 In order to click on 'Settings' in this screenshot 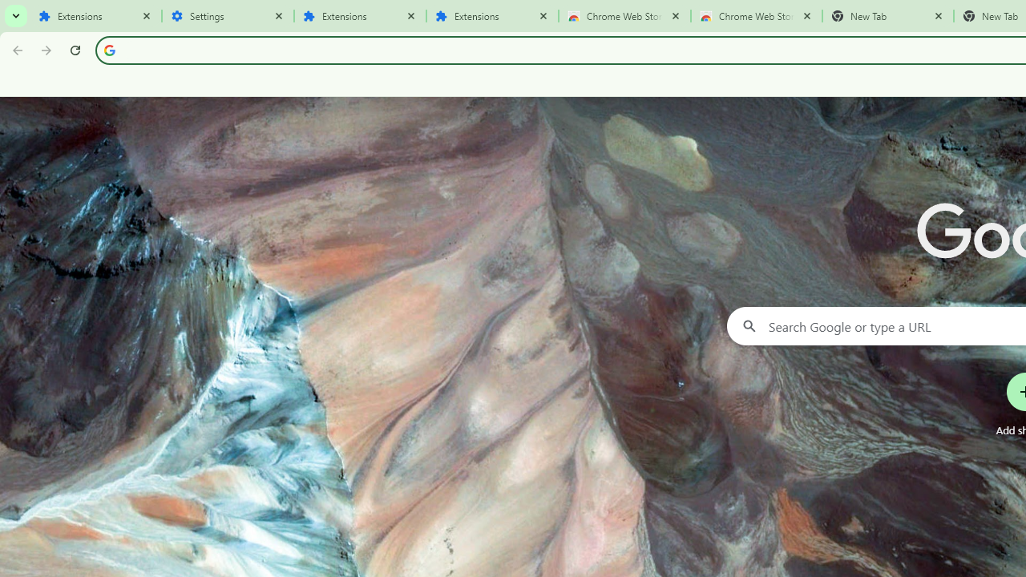, I will do `click(227, 16)`.